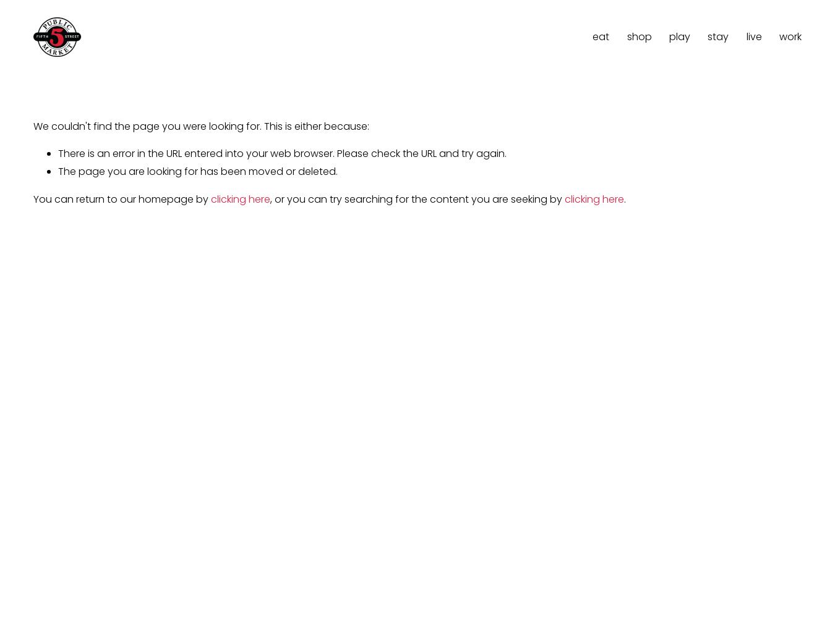  What do you see at coordinates (197, 171) in the screenshot?
I see `'The page you are looking for has been moved or deleted.'` at bounding box center [197, 171].